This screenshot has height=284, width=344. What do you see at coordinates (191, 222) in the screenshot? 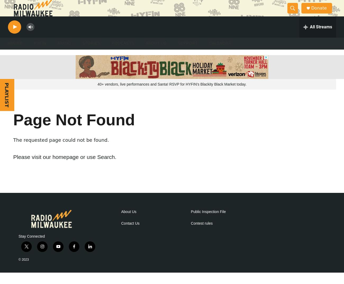
I see `'Public Inspection File'` at bounding box center [191, 222].